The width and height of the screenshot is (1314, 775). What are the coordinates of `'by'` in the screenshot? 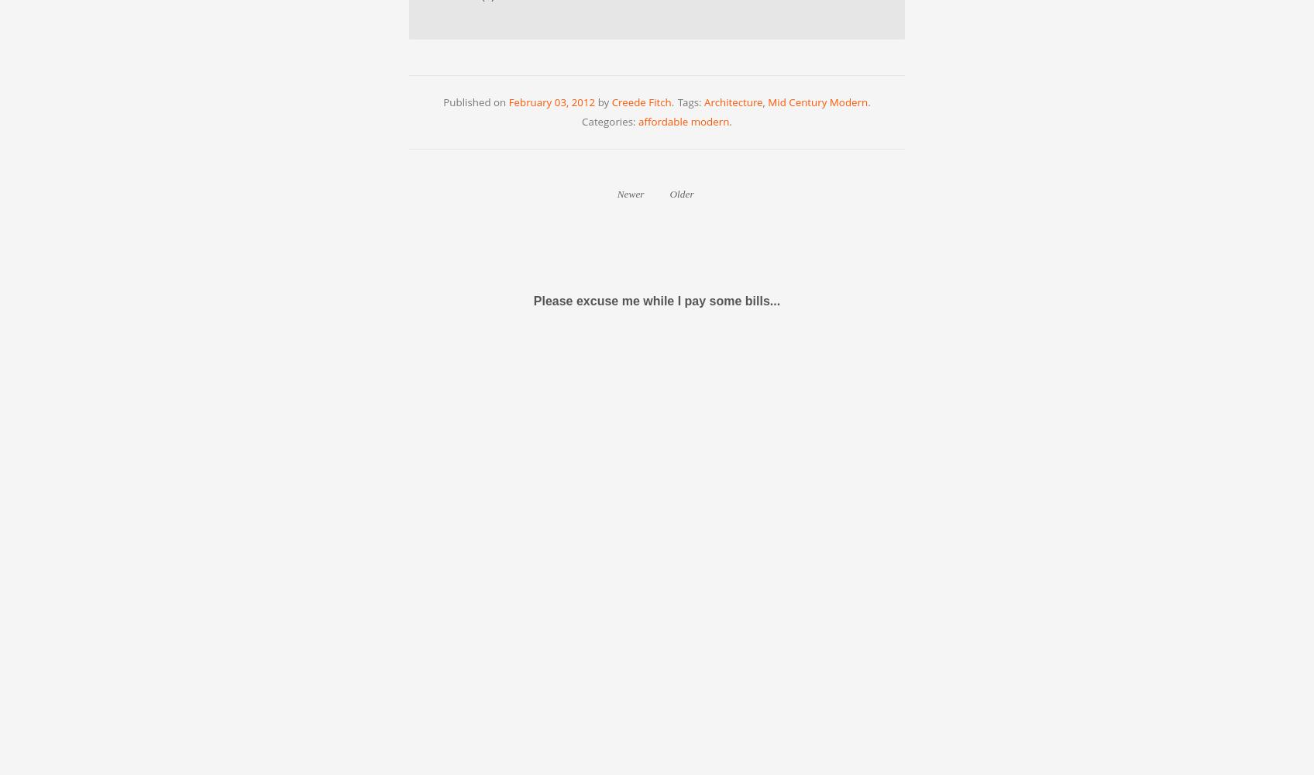 It's located at (602, 102).